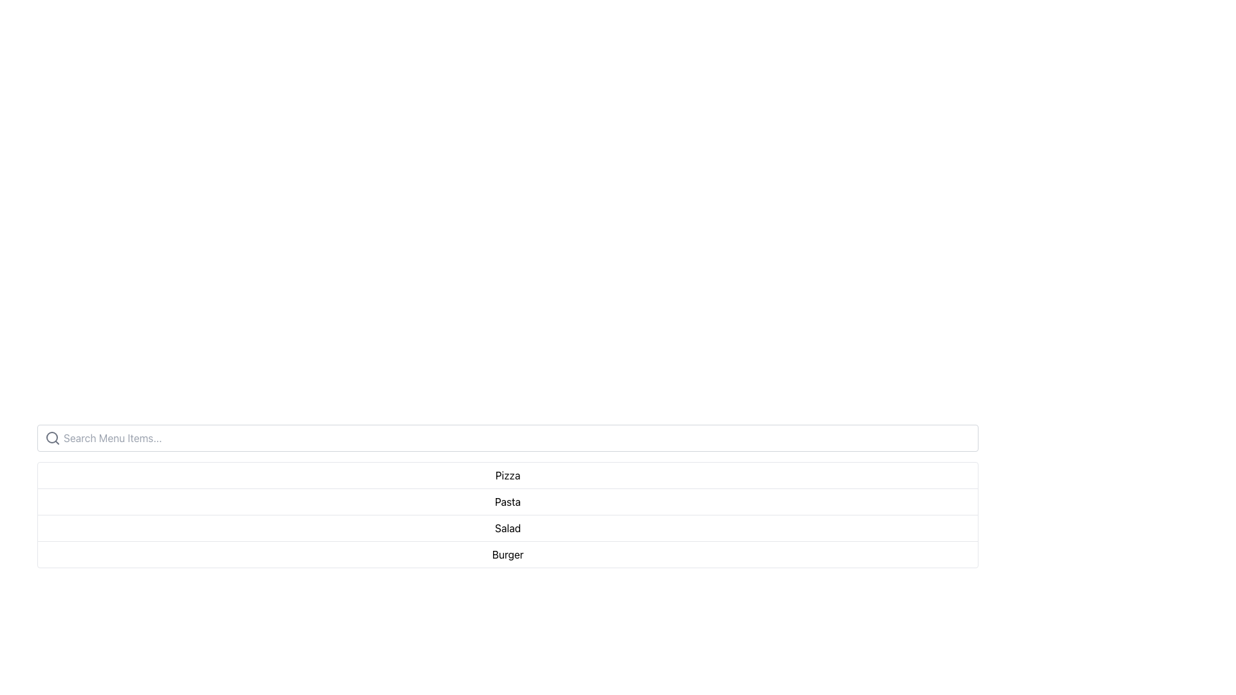  I want to click on the text label 'Salad' displayed in black text on a white background, so click(507, 528).